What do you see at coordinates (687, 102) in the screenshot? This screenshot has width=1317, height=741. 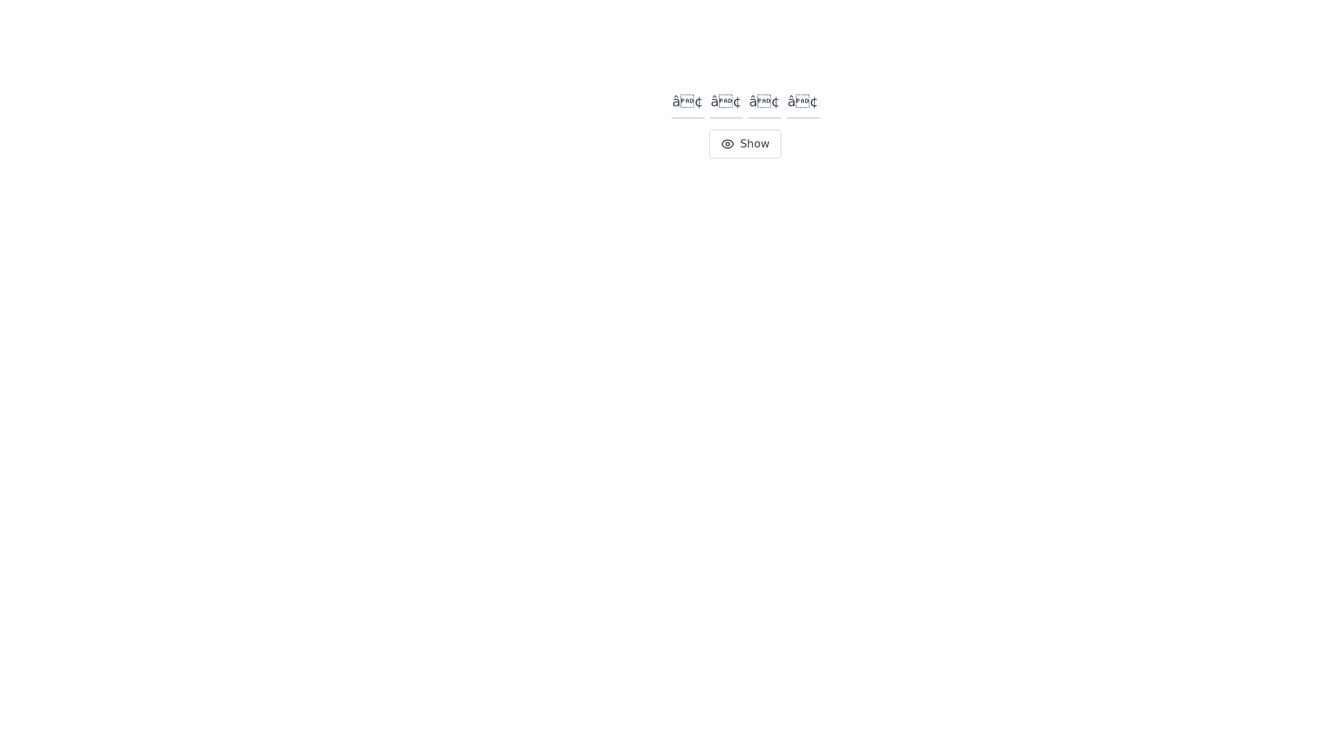 I see `to focus on the first text input field located at the farthest left in a series of four identical input fields` at bounding box center [687, 102].